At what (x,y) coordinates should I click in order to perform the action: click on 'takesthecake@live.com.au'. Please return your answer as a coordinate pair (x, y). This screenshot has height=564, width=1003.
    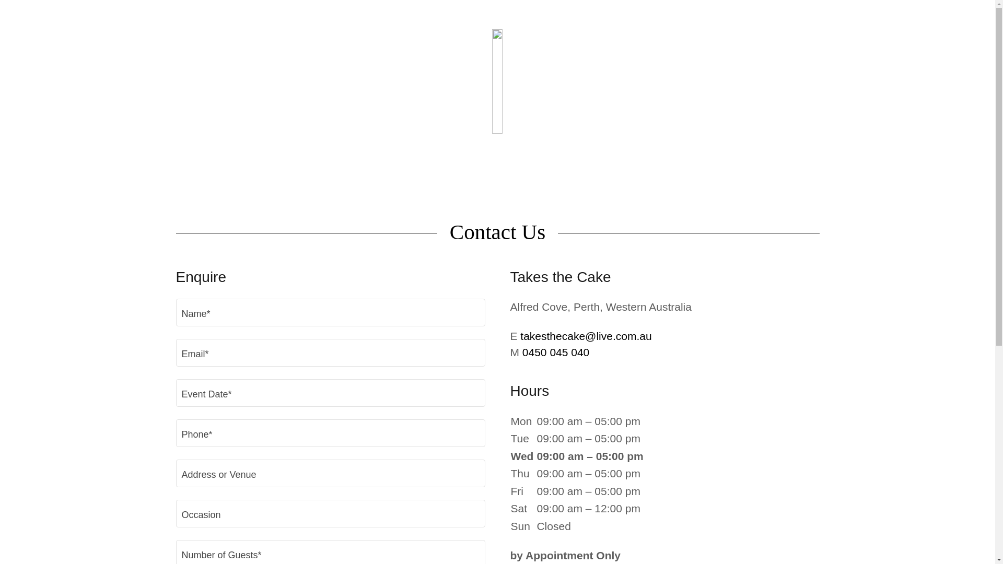
    Looking at the image, I should click on (586, 336).